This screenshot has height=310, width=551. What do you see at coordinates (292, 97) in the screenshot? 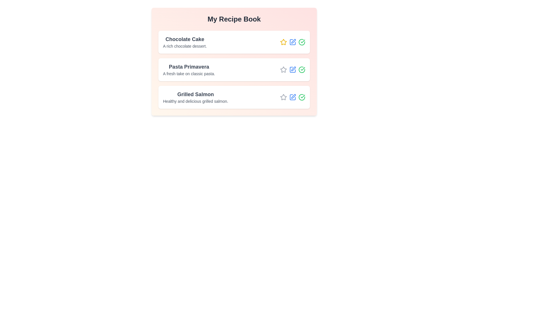
I see `edit icon for the recipe titled Grilled Salmon` at bounding box center [292, 97].